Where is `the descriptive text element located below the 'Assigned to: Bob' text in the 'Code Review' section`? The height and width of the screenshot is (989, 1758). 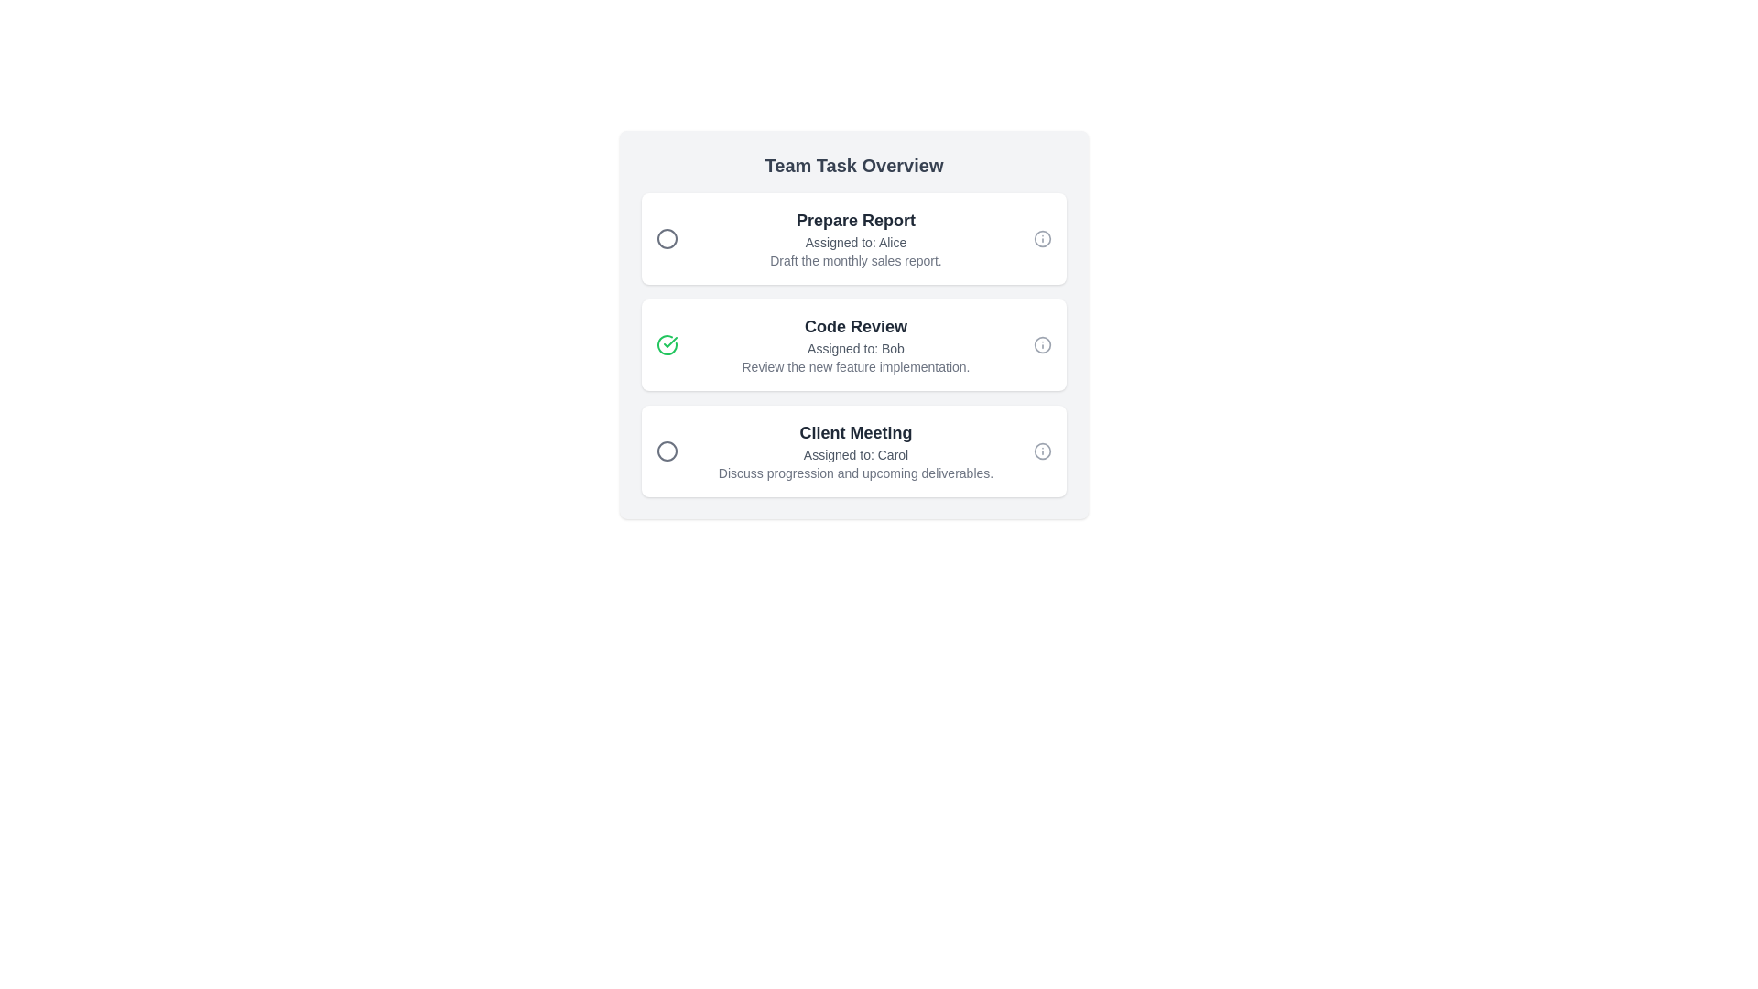 the descriptive text element located below the 'Assigned to: Bob' text in the 'Code Review' section is located at coordinates (855, 367).